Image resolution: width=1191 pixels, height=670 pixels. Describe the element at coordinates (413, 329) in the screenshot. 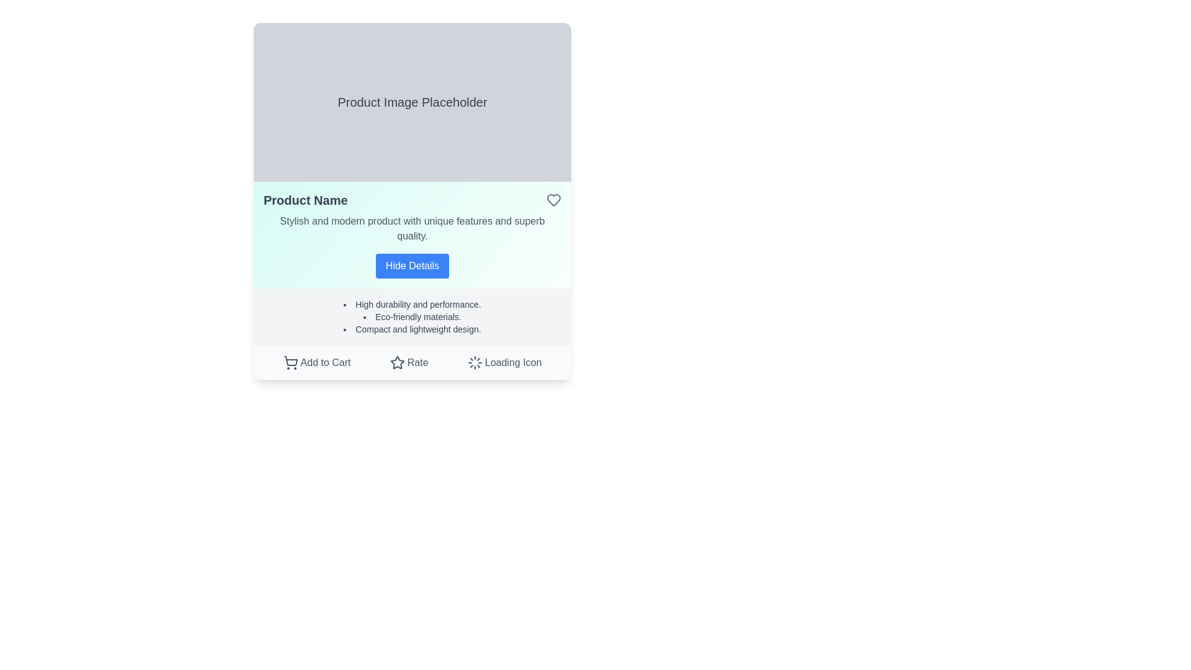

I see `the text element that reads 'Compact and lightweight design.', which is the third bullet point in a list below the 'Hide Details' button` at that location.